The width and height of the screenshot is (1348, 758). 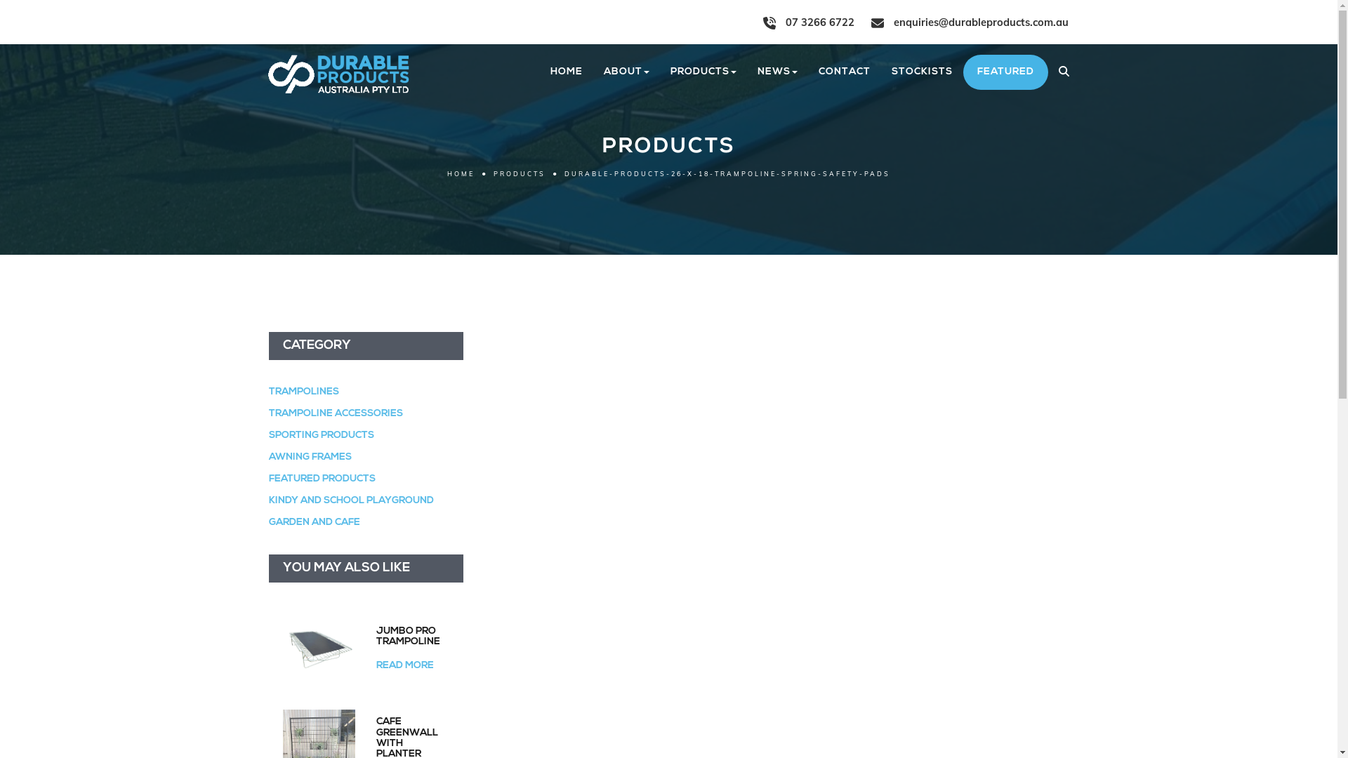 What do you see at coordinates (566, 72) in the screenshot?
I see `'HOME'` at bounding box center [566, 72].